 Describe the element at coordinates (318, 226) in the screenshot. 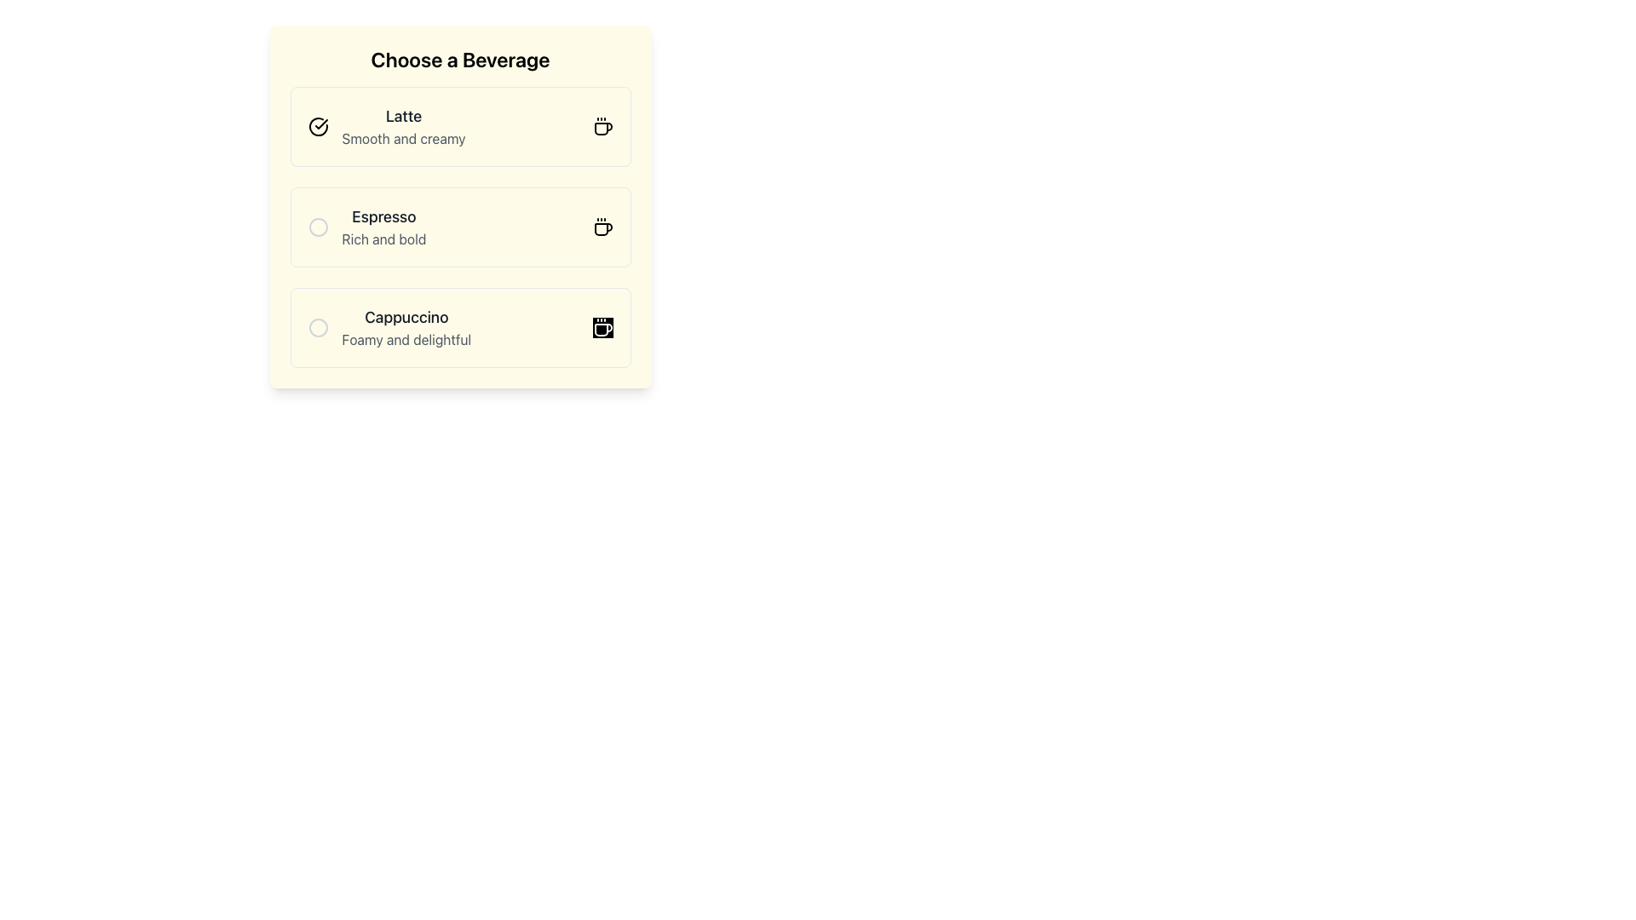

I see `the 'Espresso' radio button` at that location.